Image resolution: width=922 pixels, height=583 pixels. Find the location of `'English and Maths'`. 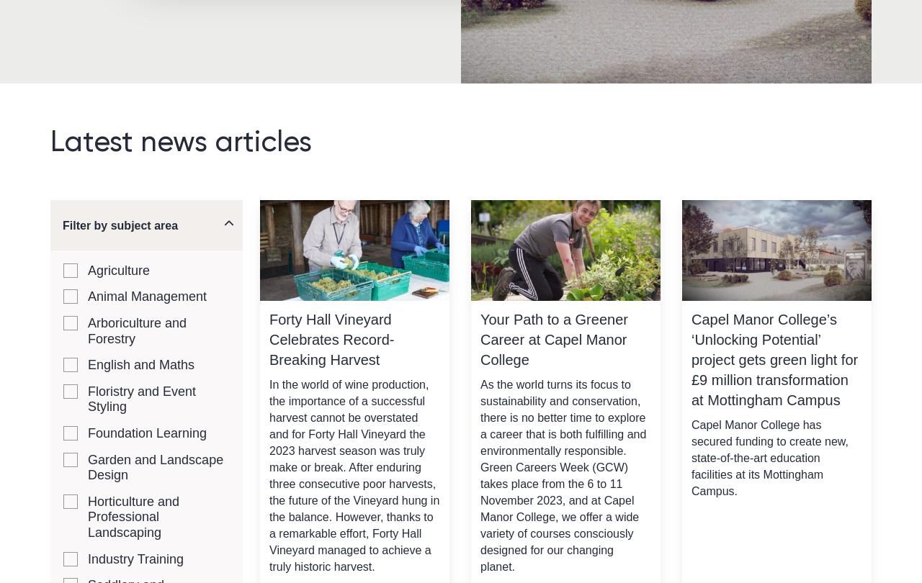

'English and Maths' is located at coordinates (86, 364).